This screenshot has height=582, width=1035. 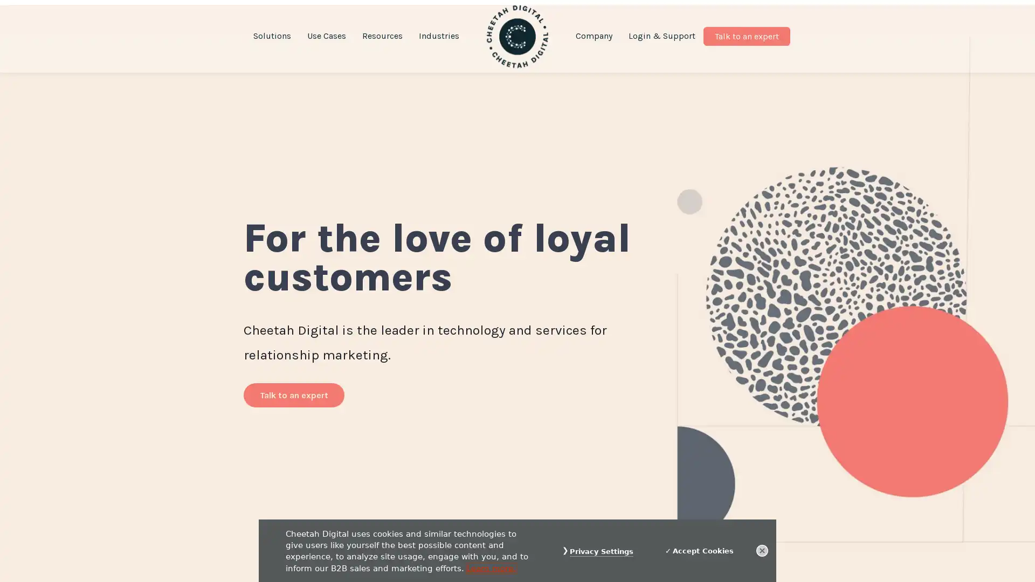 What do you see at coordinates (762, 550) in the screenshot?
I see `Close` at bounding box center [762, 550].